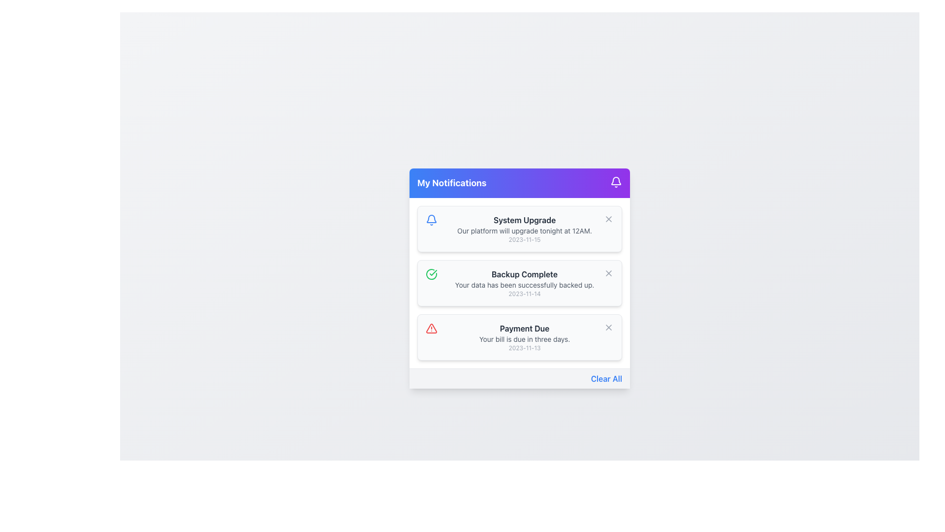 The image size is (945, 532). Describe the element at coordinates (524, 219) in the screenshot. I see `title text of the 'System Upgrade' label displayed in bold, dark gray font within the first notification card in the 'My Notifications' panel` at that location.